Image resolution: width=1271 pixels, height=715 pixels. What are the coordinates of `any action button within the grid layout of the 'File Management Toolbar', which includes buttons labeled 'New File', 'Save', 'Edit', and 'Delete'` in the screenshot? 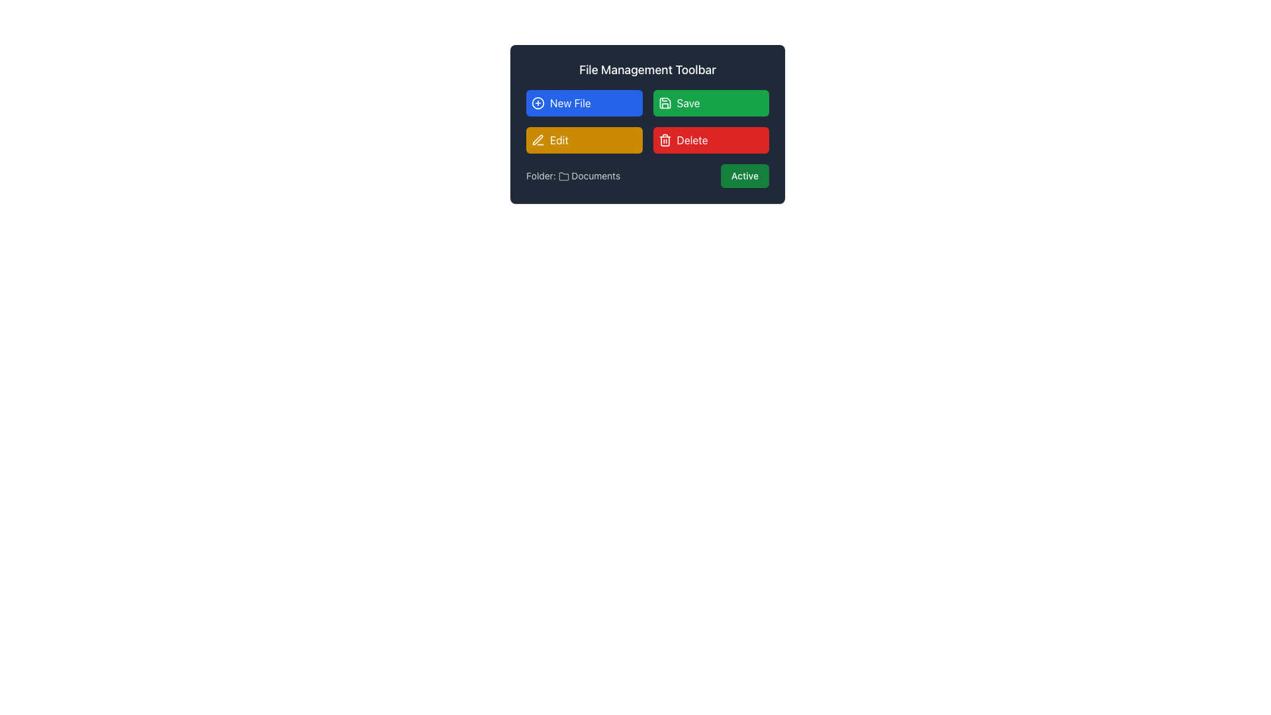 It's located at (647, 122).